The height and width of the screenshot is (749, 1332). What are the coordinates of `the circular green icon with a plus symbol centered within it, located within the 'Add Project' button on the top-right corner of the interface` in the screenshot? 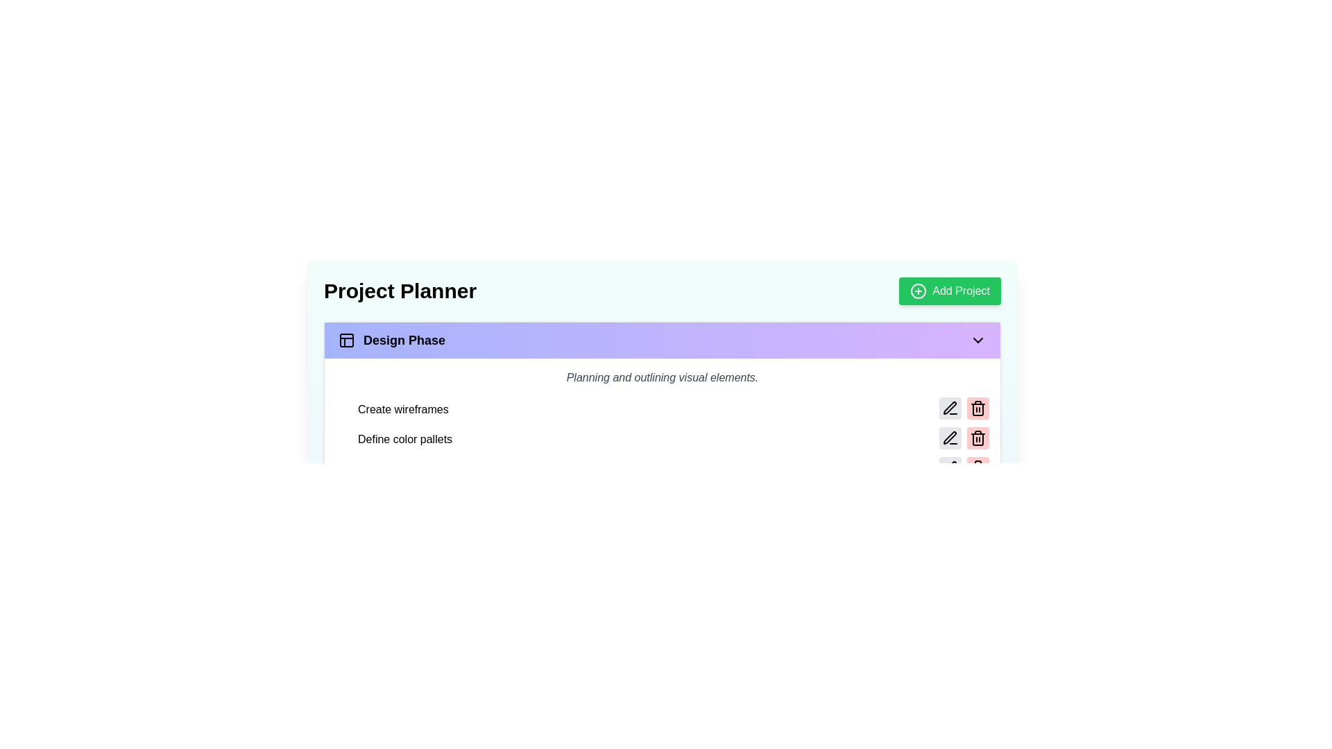 It's located at (919, 291).